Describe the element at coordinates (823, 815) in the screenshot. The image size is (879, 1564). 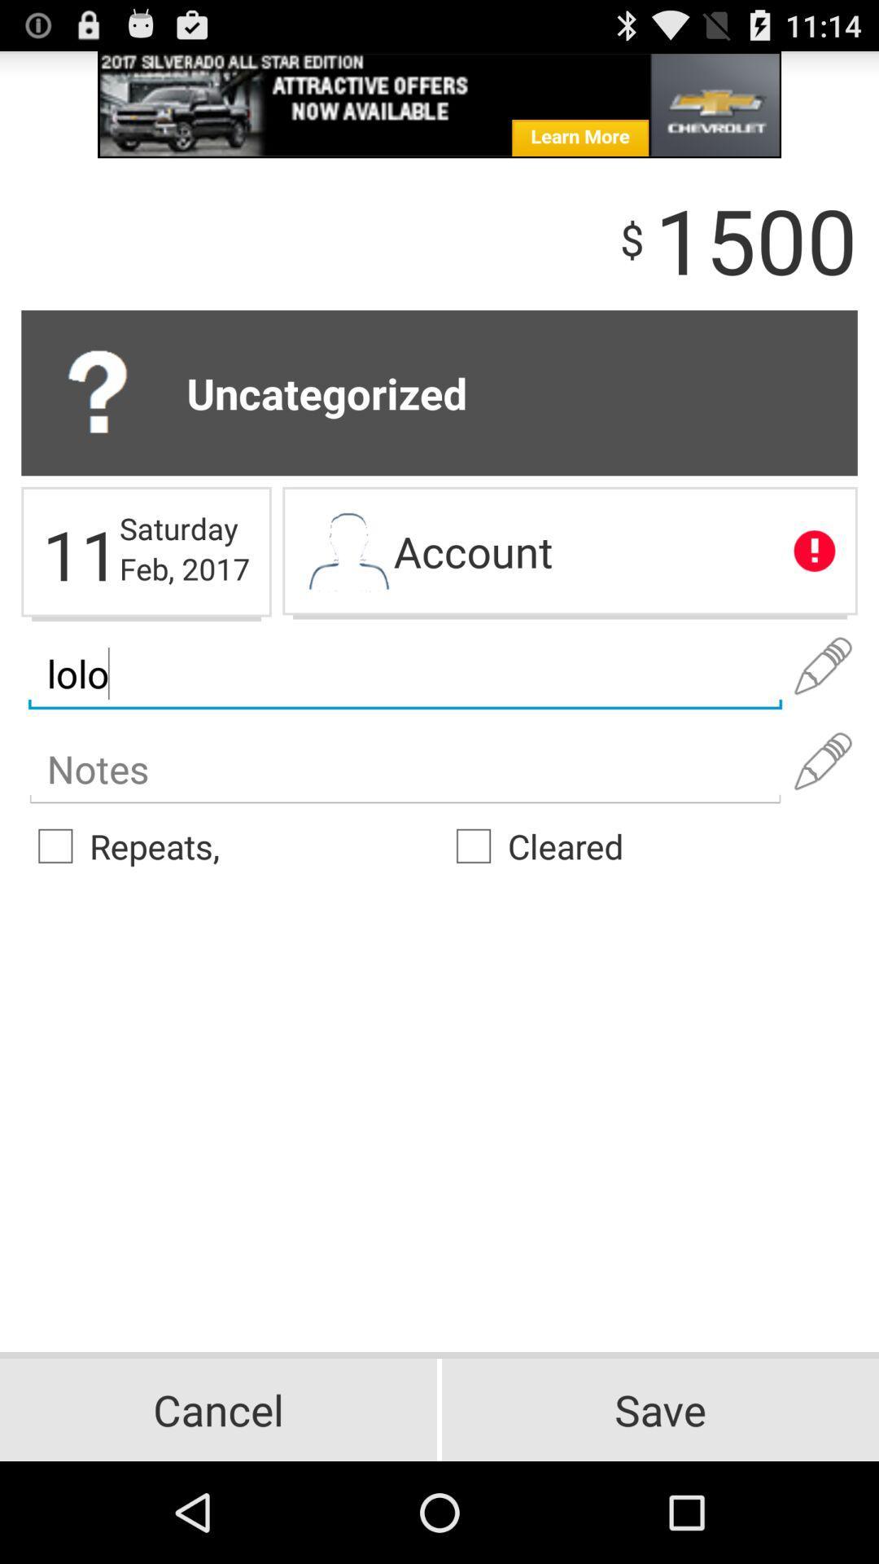
I see `the edit icon` at that location.